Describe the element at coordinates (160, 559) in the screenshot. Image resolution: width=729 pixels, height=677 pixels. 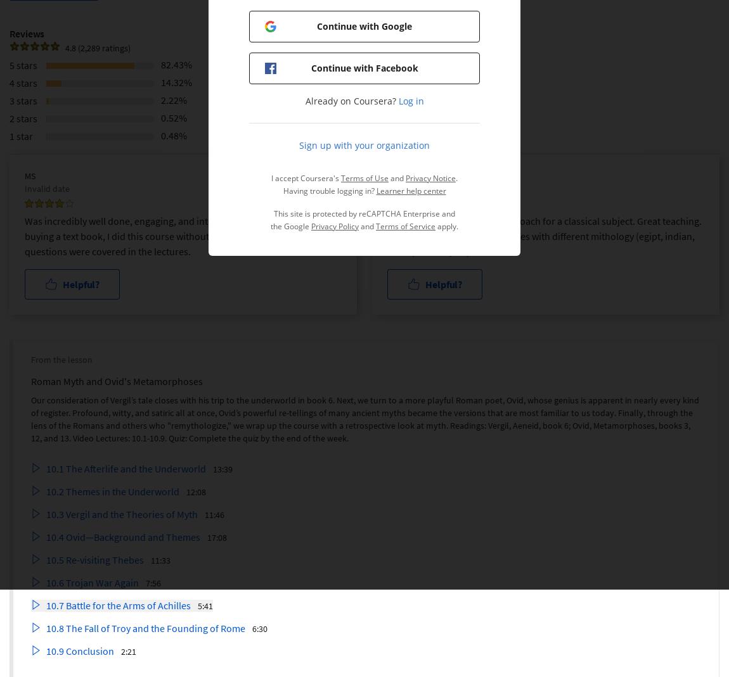
I see `'11:33'` at that location.